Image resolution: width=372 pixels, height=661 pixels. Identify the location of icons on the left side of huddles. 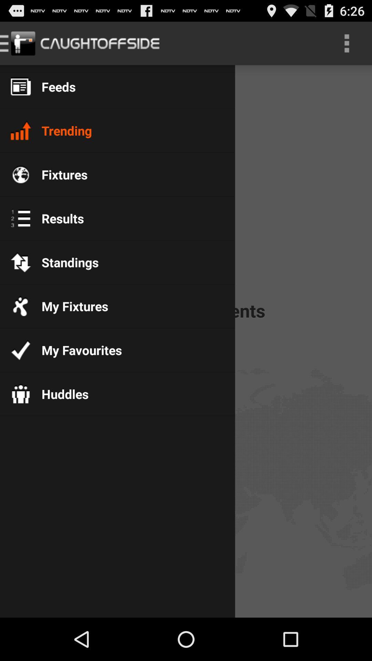
(20, 394).